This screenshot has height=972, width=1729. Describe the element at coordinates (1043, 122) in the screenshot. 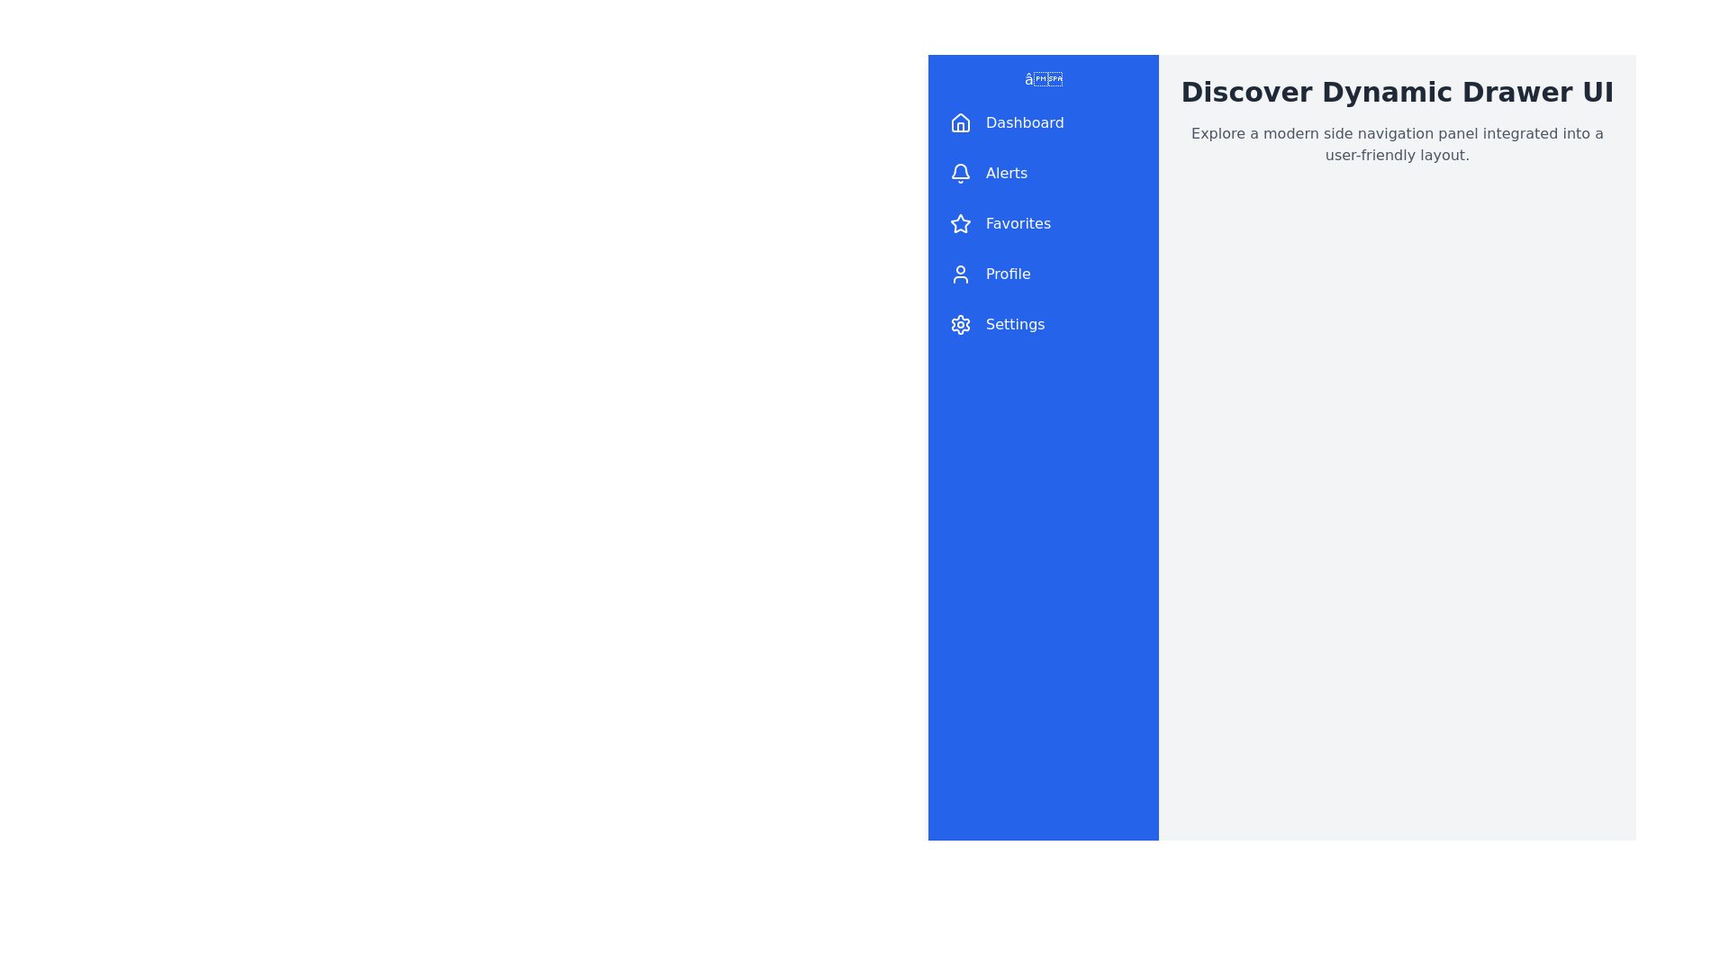

I see `the navigation button located in the blue sidebar that redirects to the dashboard section of the application` at that location.